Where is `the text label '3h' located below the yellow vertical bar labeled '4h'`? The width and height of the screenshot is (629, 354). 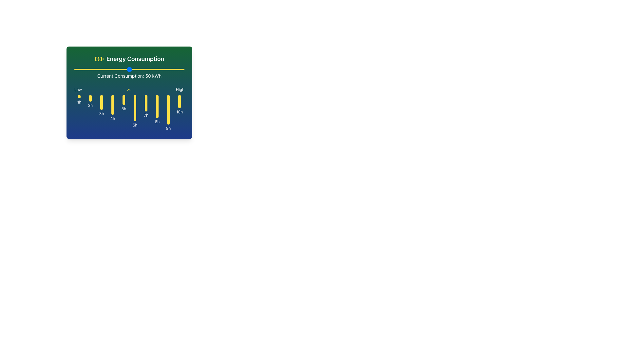
the text label '3h' located below the yellow vertical bar labeled '4h' is located at coordinates (101, 113).